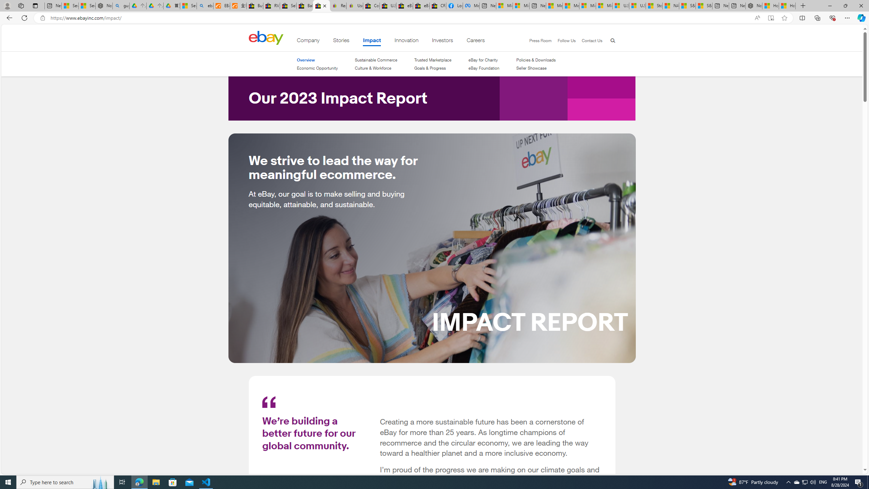 The image size is (869, 489). I want to click on 'Overview', so click(305, 60).